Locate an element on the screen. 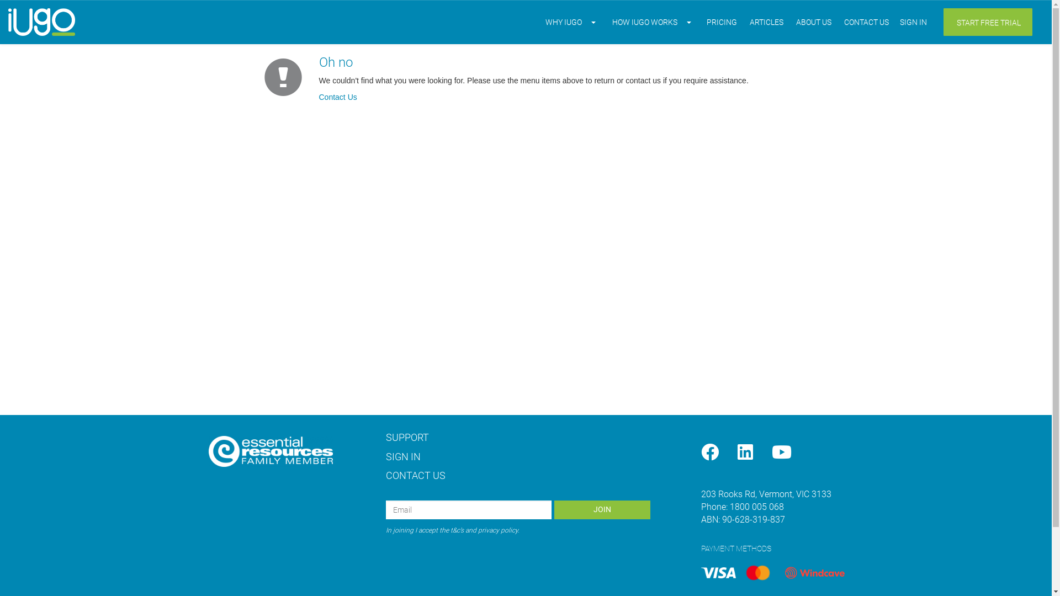 The height and width of the screenshot is (596, 1060). 'ARTICLES' is located at coordinates (766, 22).